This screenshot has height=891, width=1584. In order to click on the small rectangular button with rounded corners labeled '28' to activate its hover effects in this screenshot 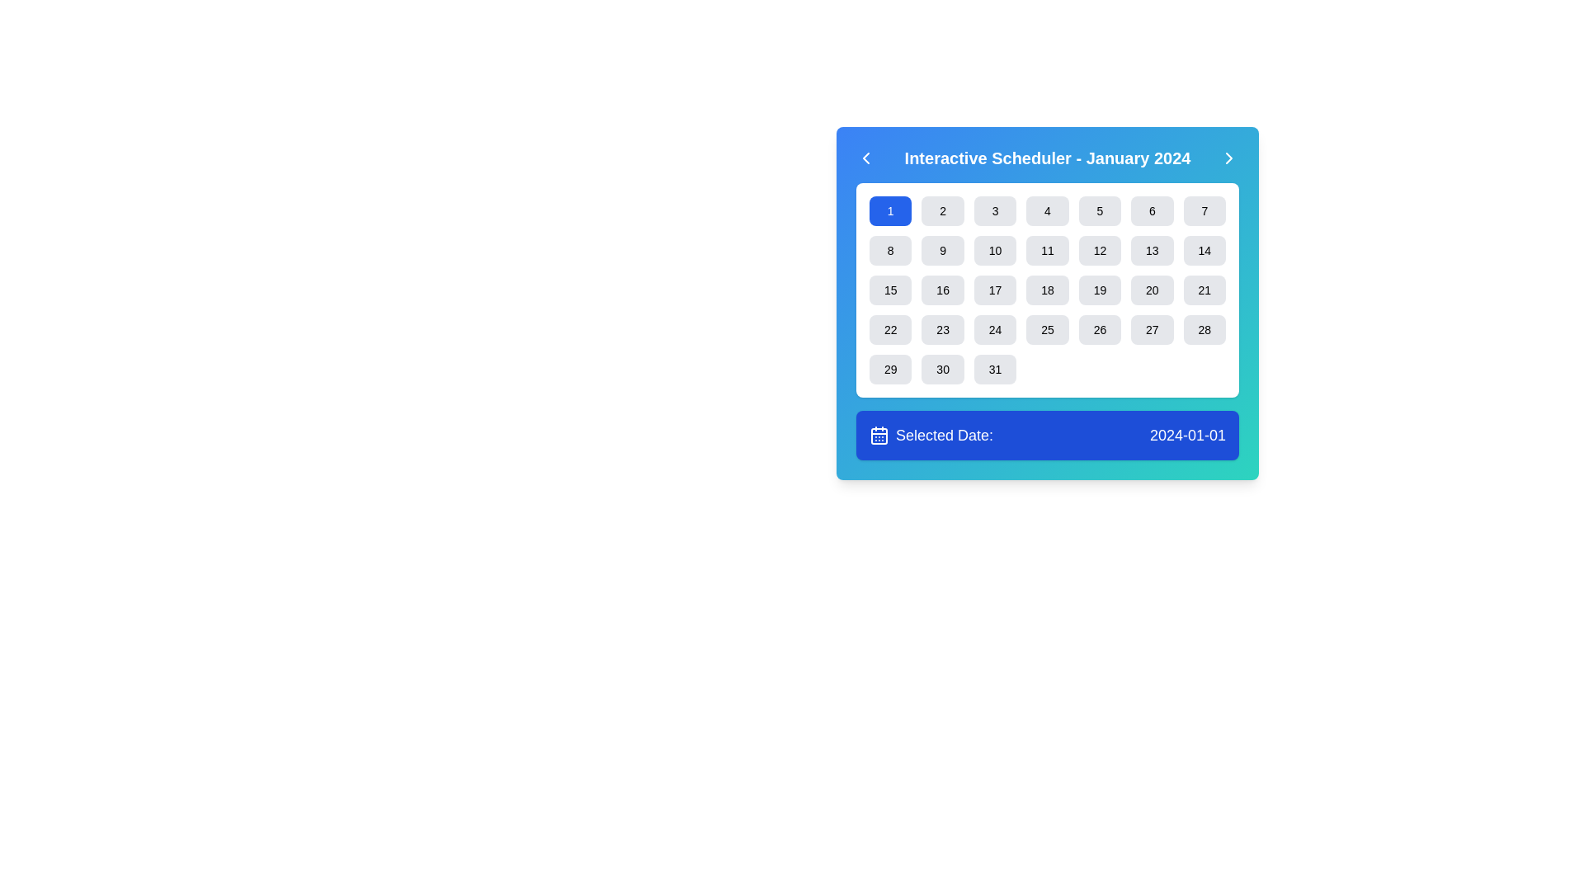, I will do `click(1204, 330)`.